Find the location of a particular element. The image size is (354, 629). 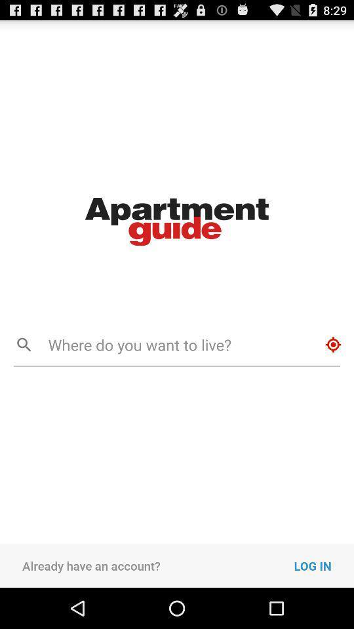

log in item is located at coordinates (323, 565).